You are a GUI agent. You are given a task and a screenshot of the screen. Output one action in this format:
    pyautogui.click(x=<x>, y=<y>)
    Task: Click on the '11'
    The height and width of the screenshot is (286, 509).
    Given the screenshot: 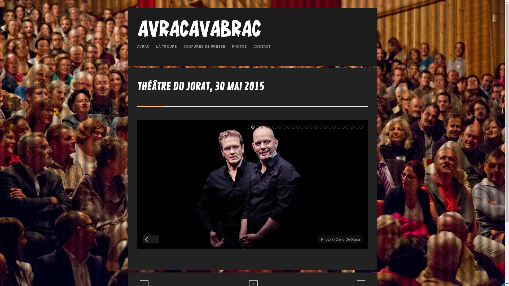 What is the action you would take?
    pyautogui.click(x=293, y=127)
    